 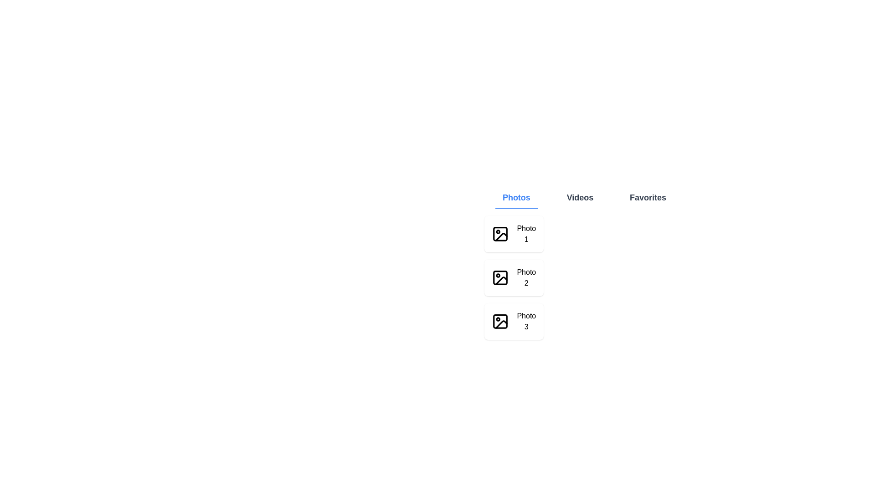 I want to click on the Image icon located, so click(x=500, y=233).